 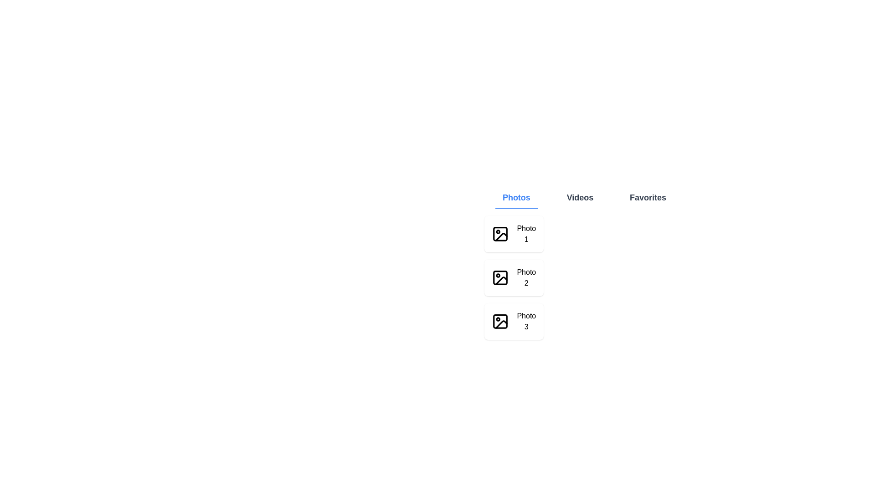 I want to click on the Image icon located, so click(x=500, y=233).